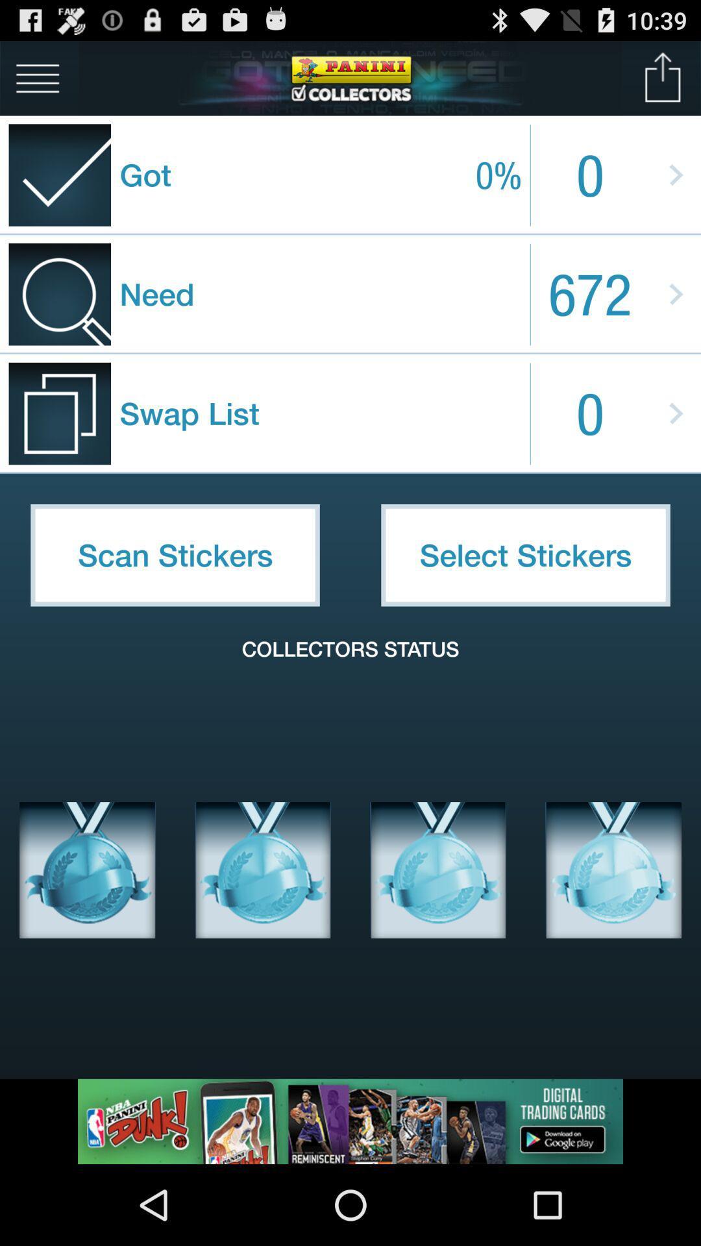 The image size is (701, 1246). I want to click on sticker, so click(263, 870).